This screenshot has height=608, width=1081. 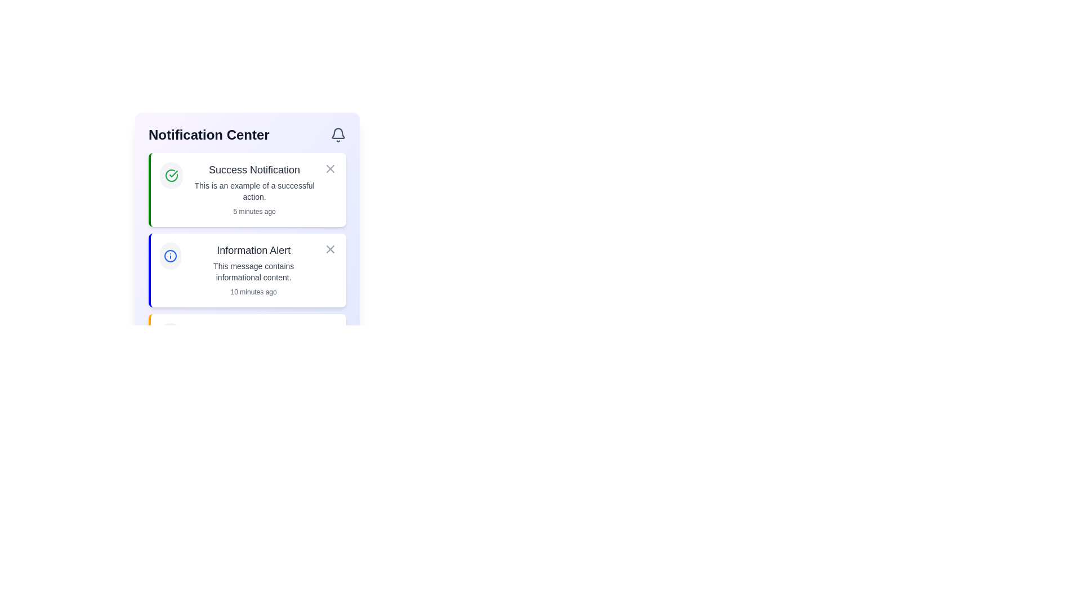 I want to click on the Notification Card located directly below the 'Success Notification' in the vertical list of notifications, so click(x=247, y=257).